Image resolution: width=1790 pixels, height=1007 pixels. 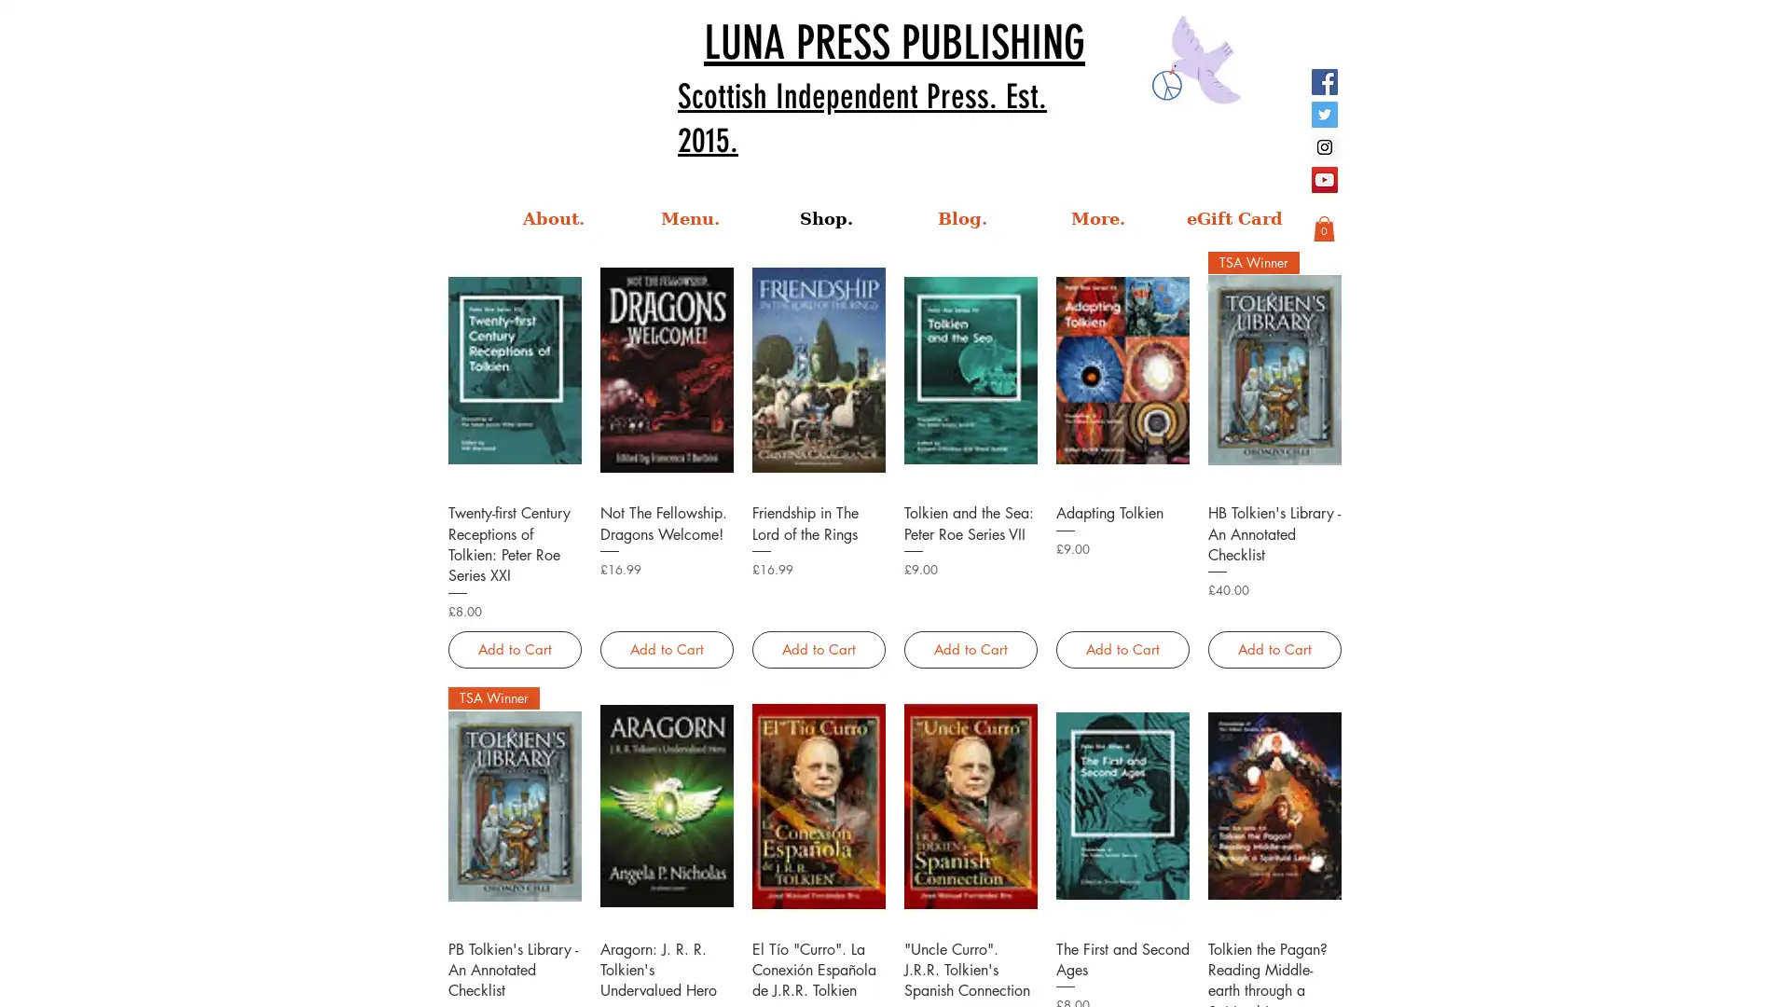 I want to click on Quick View, so click(x=1273, y=511).